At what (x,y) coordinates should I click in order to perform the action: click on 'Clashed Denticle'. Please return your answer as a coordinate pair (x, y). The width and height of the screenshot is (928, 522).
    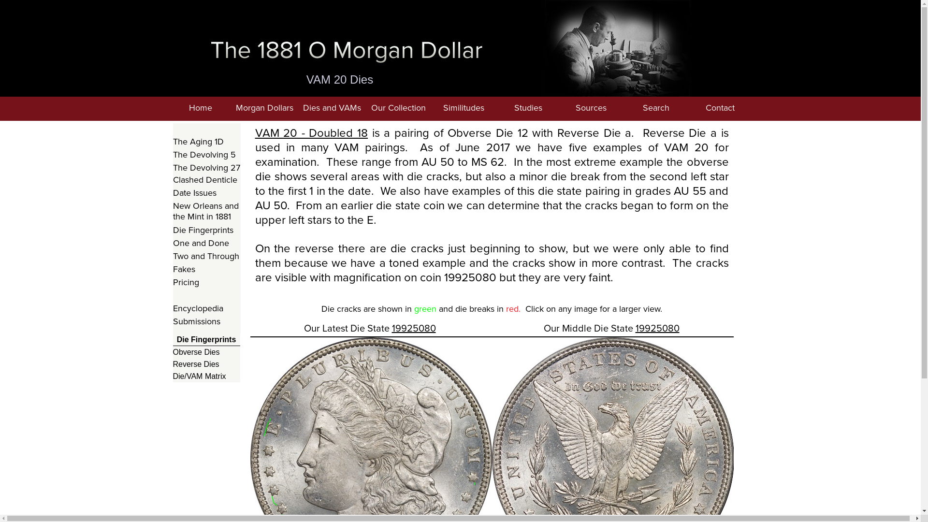
    Looking at the image, I should click on (206, 180).